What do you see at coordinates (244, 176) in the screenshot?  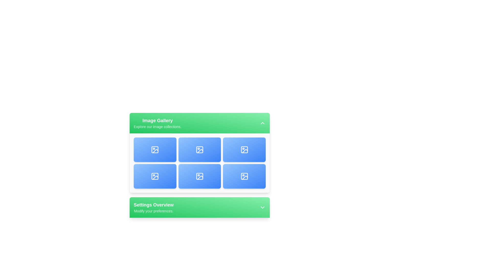 I see `the icon located in the bottom-right corner of the 'Image Gallery' section's button grid, which is used for image interaction` at bounding box center [244, 176].